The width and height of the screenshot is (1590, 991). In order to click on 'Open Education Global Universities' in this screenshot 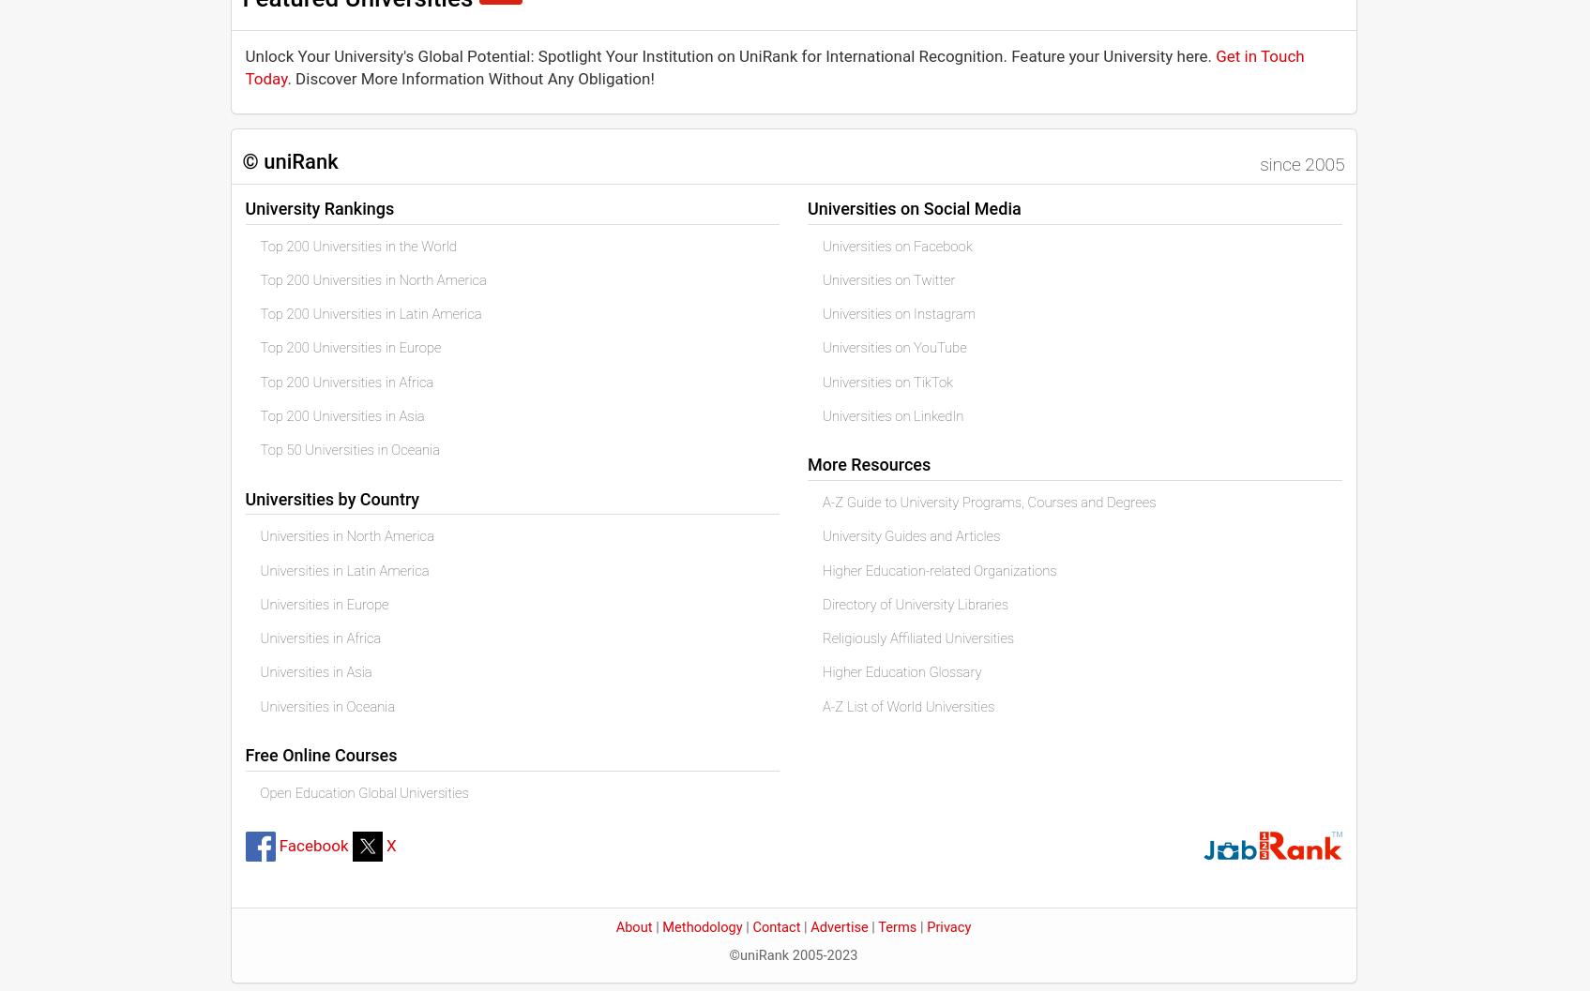, I will do `click(363, 790)`.